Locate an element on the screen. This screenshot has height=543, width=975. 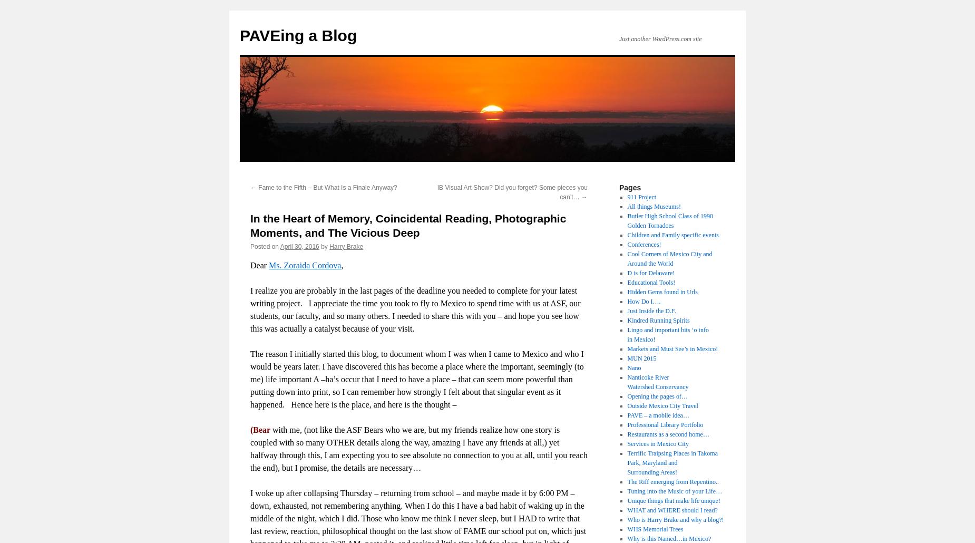
'How Do I….' is located at coordinates (643, 301).